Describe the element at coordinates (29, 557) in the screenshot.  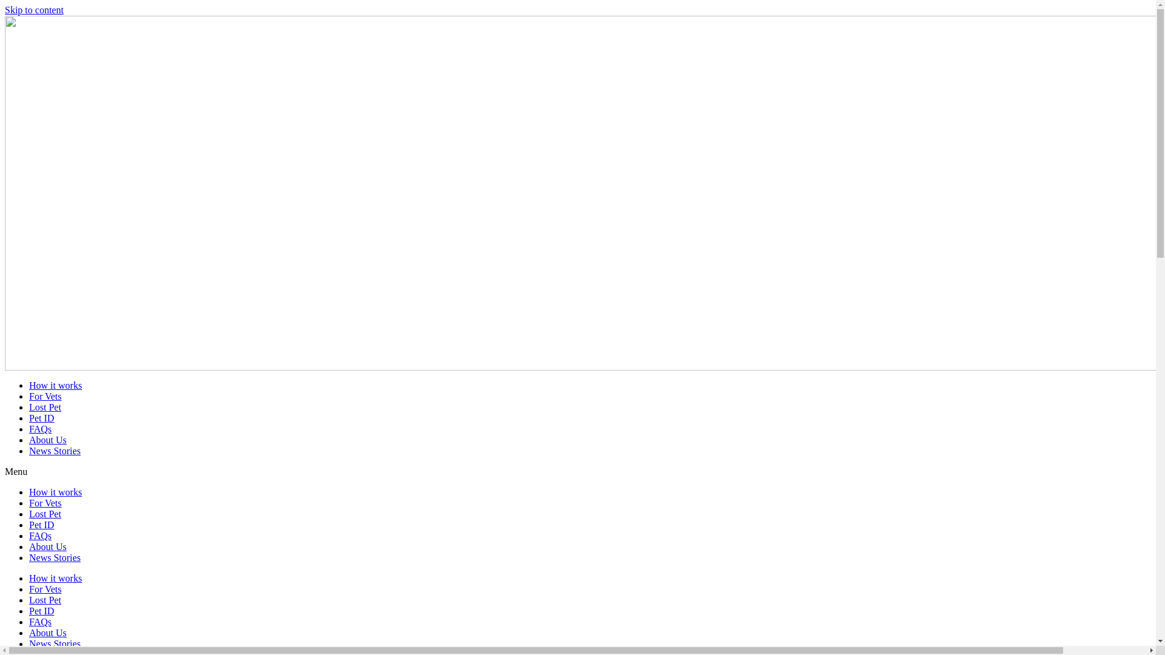
I see `'News Stories'` at that location.